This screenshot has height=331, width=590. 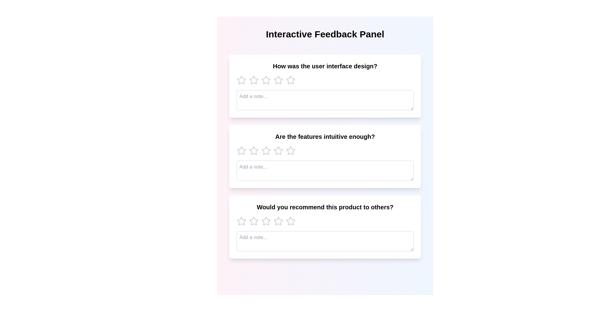 I want to click on the rating for a feedback prompt to 4 stars, so click(x=278, y=80).